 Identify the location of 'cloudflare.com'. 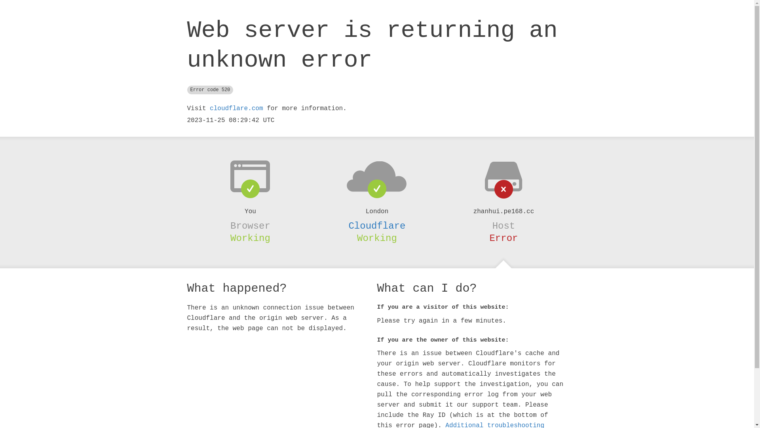
(209, 108).